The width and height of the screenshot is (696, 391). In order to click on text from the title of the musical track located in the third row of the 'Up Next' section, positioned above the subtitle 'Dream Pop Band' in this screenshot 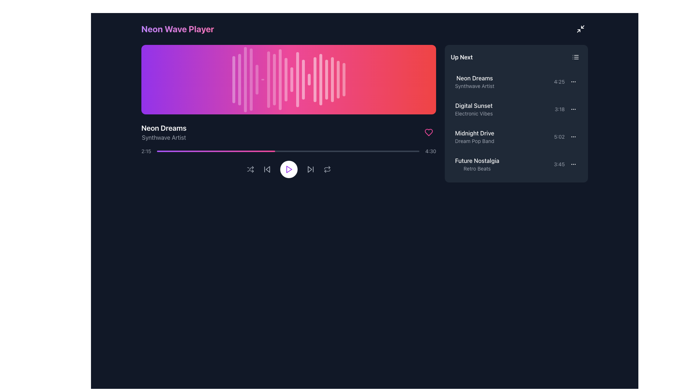, I will do `click(475, 133)`.